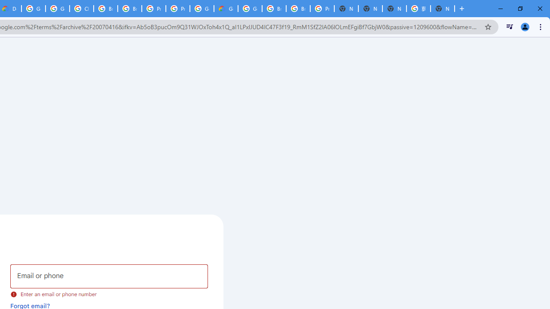 This screenshot has height=309, width=550. I want to click on 'Browse Chrome as a guest - Computer - Google Chrome Help', so click(274, 9).